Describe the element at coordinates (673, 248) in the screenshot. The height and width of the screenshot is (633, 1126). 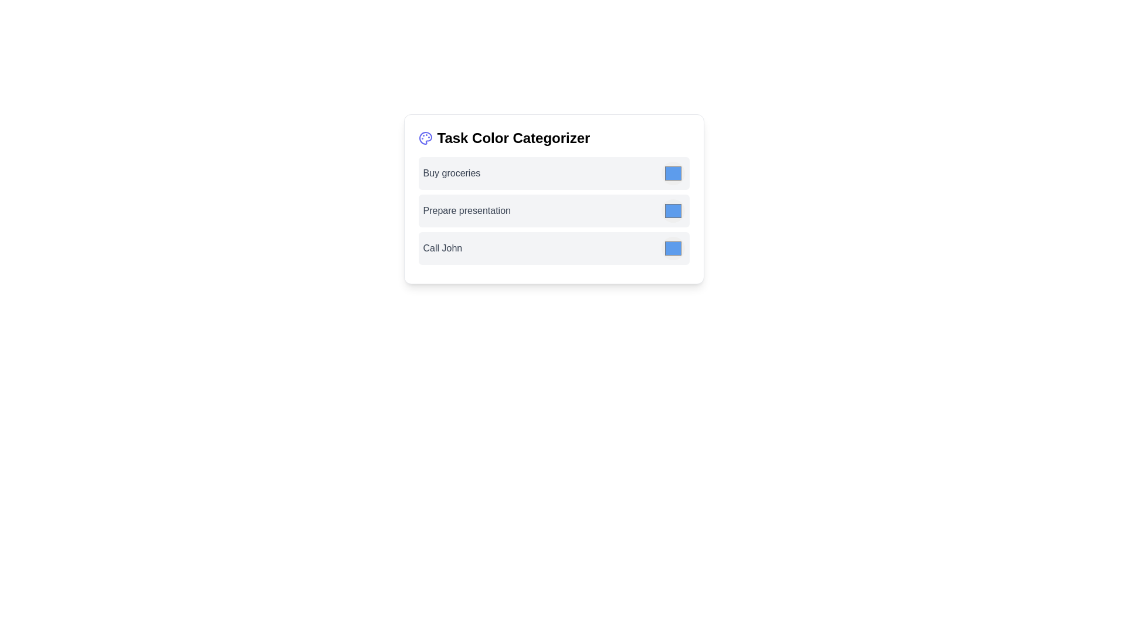
I see `the circular blue icon with a light blue fill, positioned to the far right of the 'Call John' panel` at that location.